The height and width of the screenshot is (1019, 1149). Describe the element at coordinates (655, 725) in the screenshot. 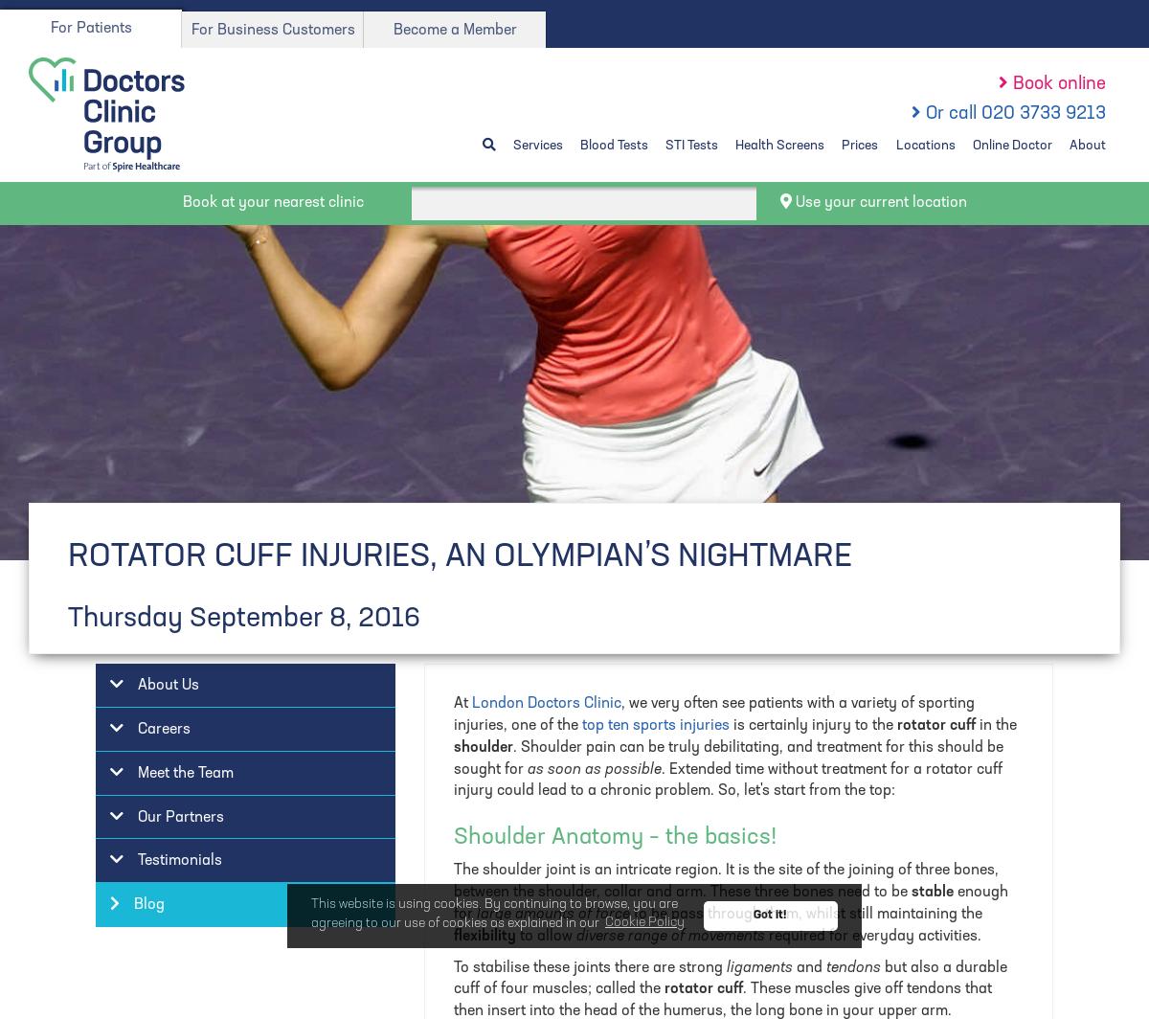

I see `'top ten sports injuries'` at that location.